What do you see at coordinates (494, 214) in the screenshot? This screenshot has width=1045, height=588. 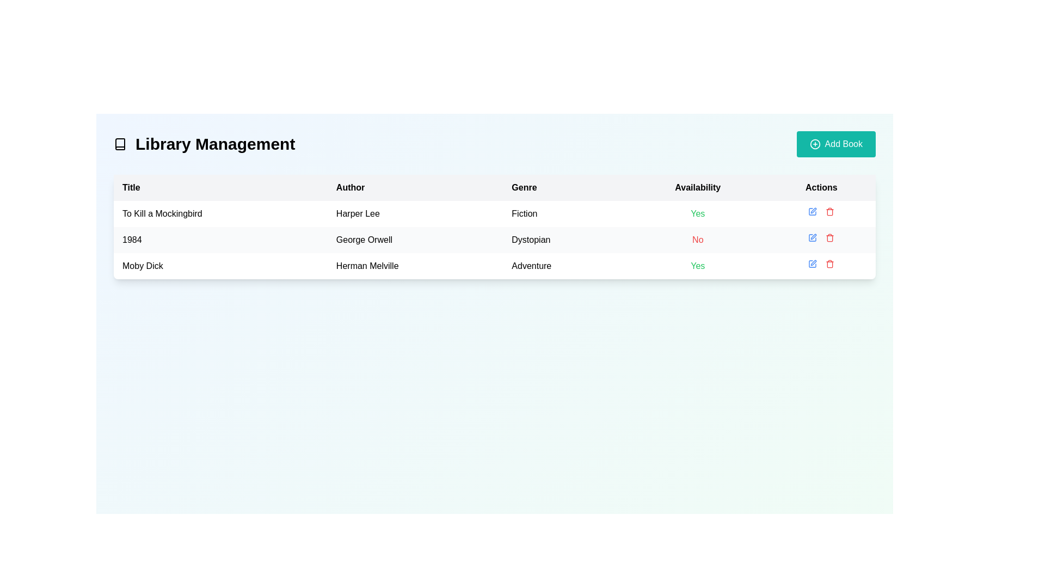 I see `the first row of the table summarizing the details of the book 'To Kill a Mockingbird'` at bounding box center [494, 214].